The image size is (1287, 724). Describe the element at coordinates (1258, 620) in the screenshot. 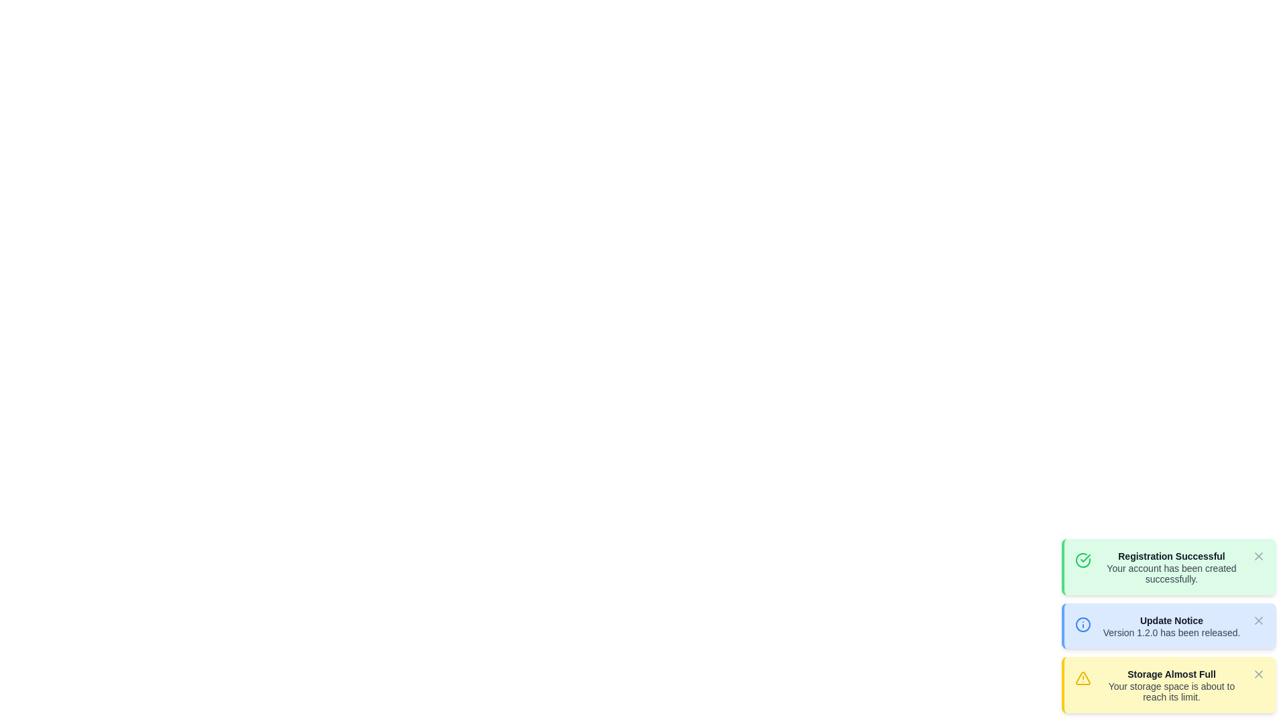

I see `the close icon of the 'Update Notice' notification located at the top-right corner of its modal component` at that location.